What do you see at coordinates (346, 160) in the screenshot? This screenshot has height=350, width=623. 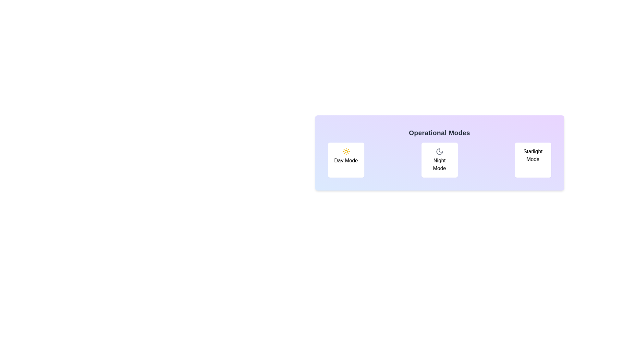 I see `the button corresponding to Day Mode mode` at bounding box center [346, 160].